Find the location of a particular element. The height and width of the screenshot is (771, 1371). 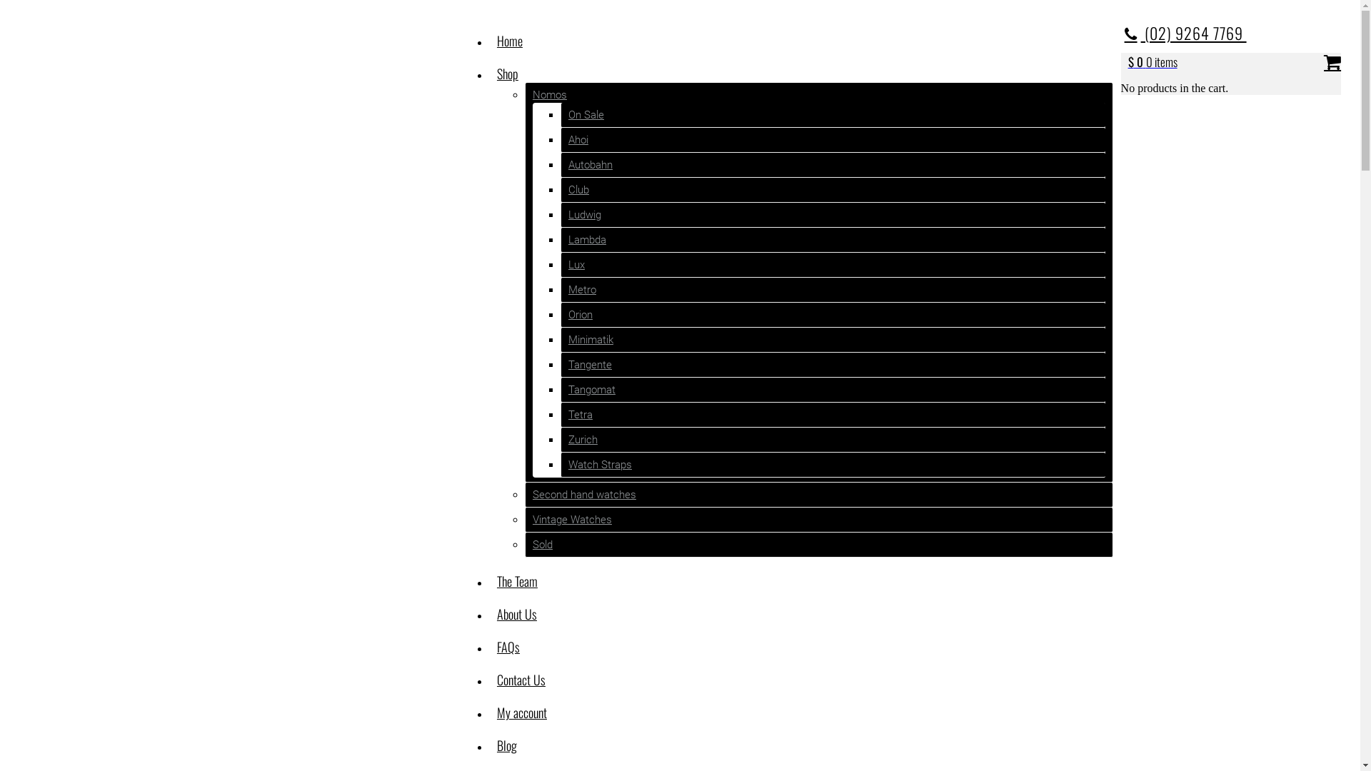

'Watch Straps' is located at coordinates (600, 465).